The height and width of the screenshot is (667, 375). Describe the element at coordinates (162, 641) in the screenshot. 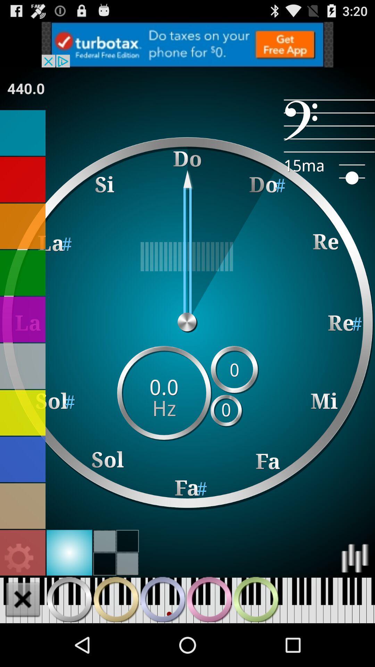

I see `the pause icon` at that location.